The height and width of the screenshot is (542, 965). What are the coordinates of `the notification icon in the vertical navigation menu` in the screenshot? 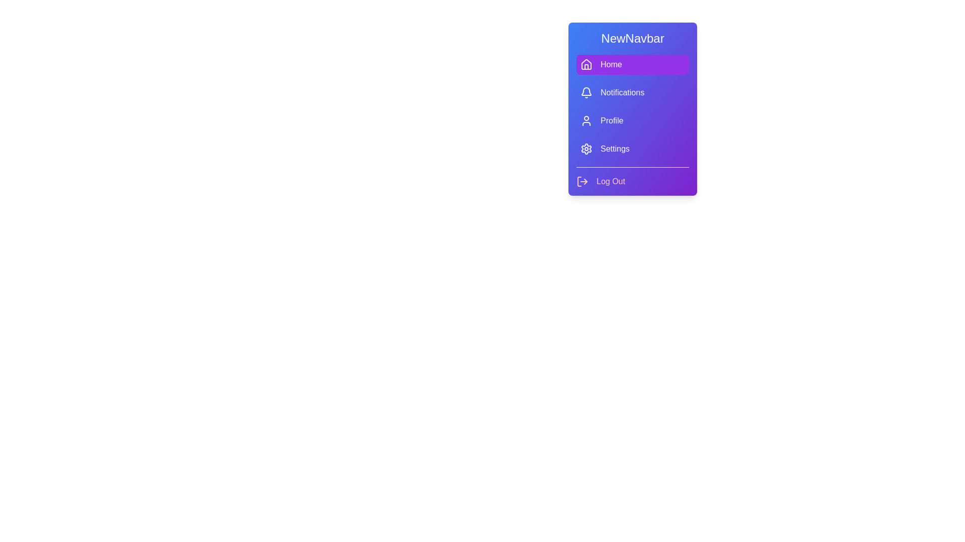 It's located at (586, 91).